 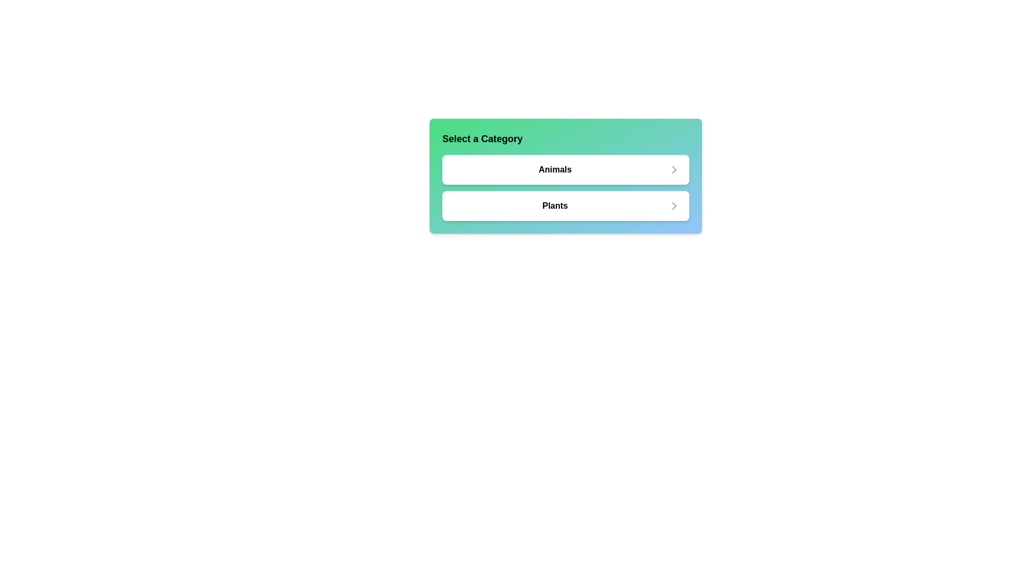 What do you see at coordinates (674, 206) in the screenshot?
I see `the chevron navigation icon located on the right side of the 'Plants' button` at bounding box center [674, 206].